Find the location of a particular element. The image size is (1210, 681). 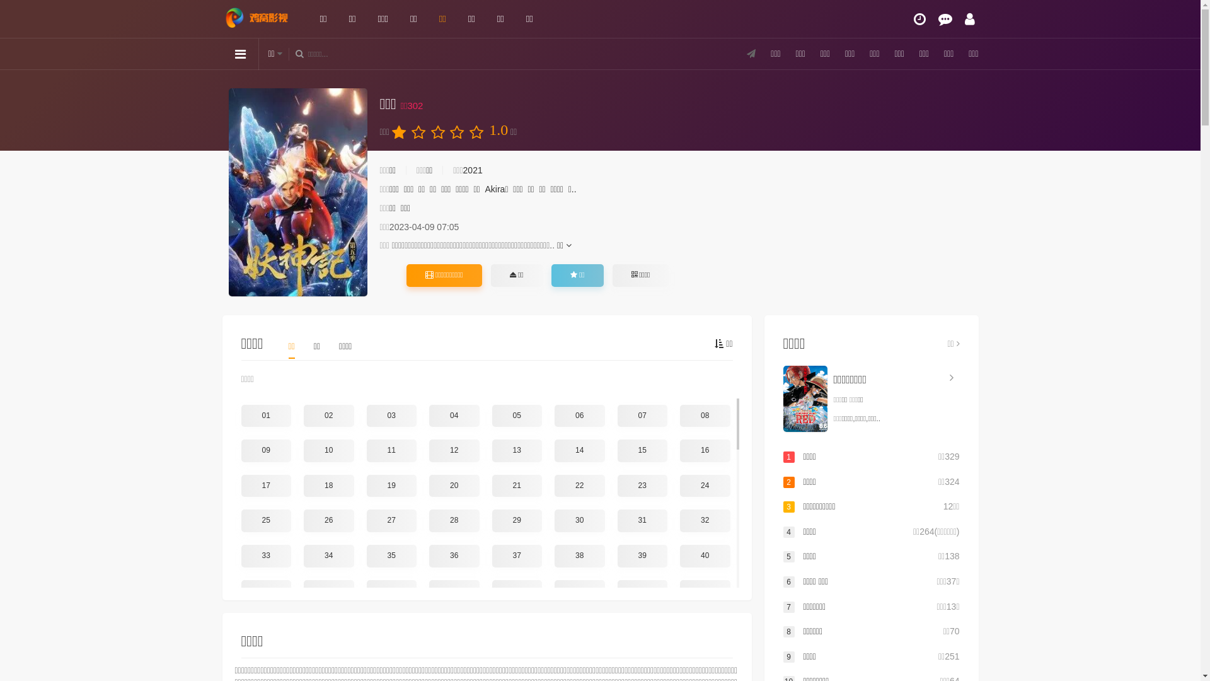

'39' is located at coordinates (617, 556).